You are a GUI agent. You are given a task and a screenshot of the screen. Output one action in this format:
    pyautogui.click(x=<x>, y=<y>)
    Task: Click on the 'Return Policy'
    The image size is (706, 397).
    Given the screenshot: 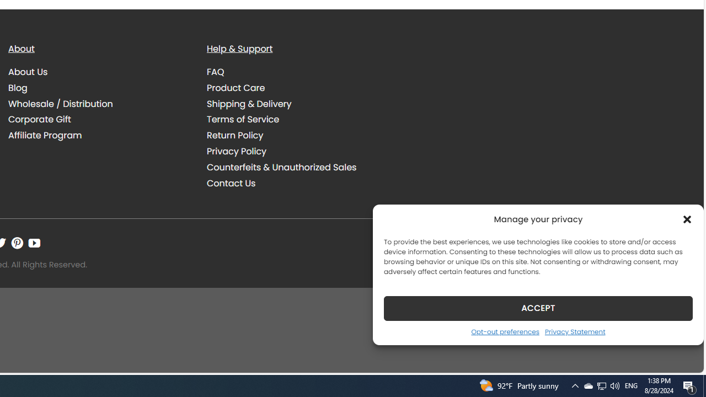 What is the action you would take?
    pyautogui.click(x=234, y=135)
    